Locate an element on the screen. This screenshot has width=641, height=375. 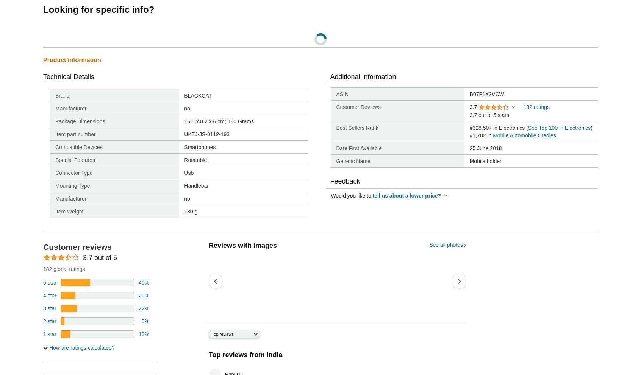
'#1,782 in' is located at coordinates (481, 135).